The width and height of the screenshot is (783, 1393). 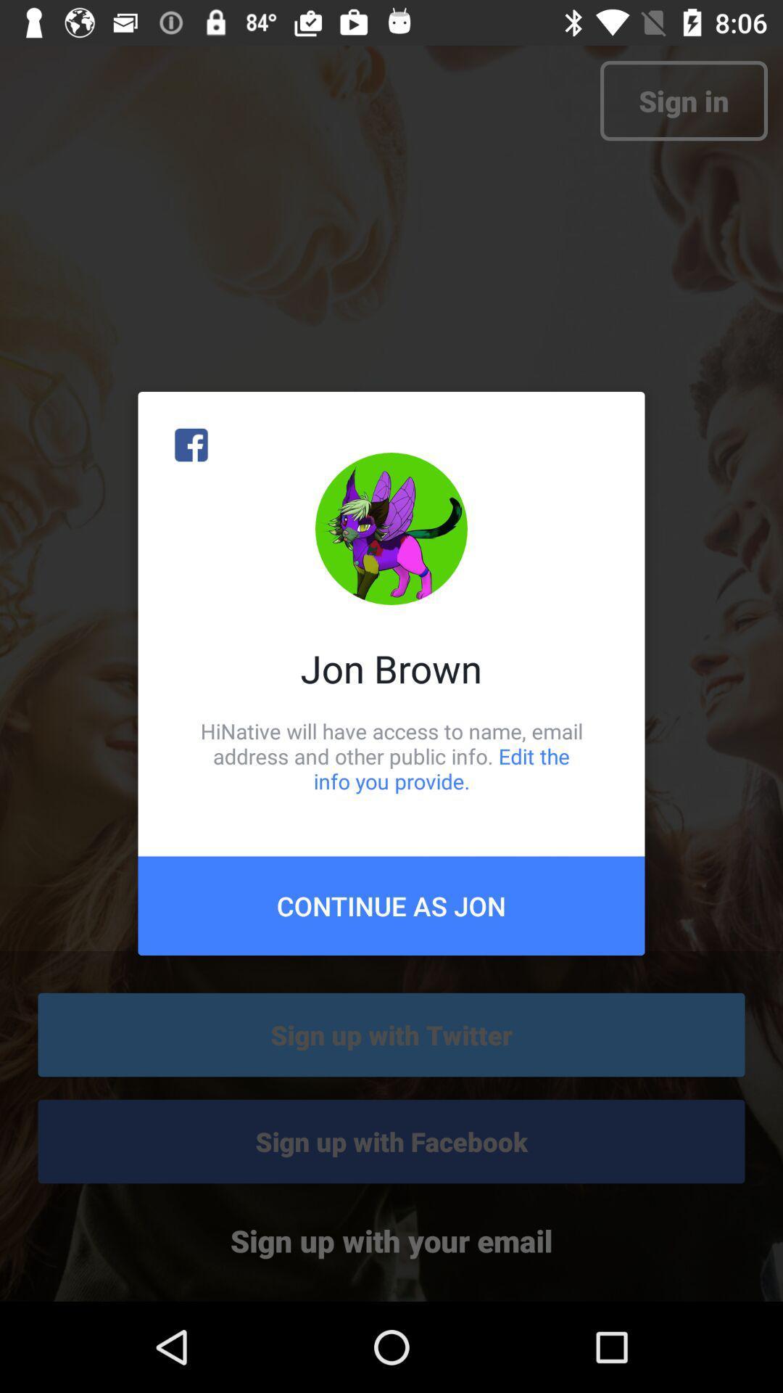 I want to click on hinative will have, so click(x=391, y=755).